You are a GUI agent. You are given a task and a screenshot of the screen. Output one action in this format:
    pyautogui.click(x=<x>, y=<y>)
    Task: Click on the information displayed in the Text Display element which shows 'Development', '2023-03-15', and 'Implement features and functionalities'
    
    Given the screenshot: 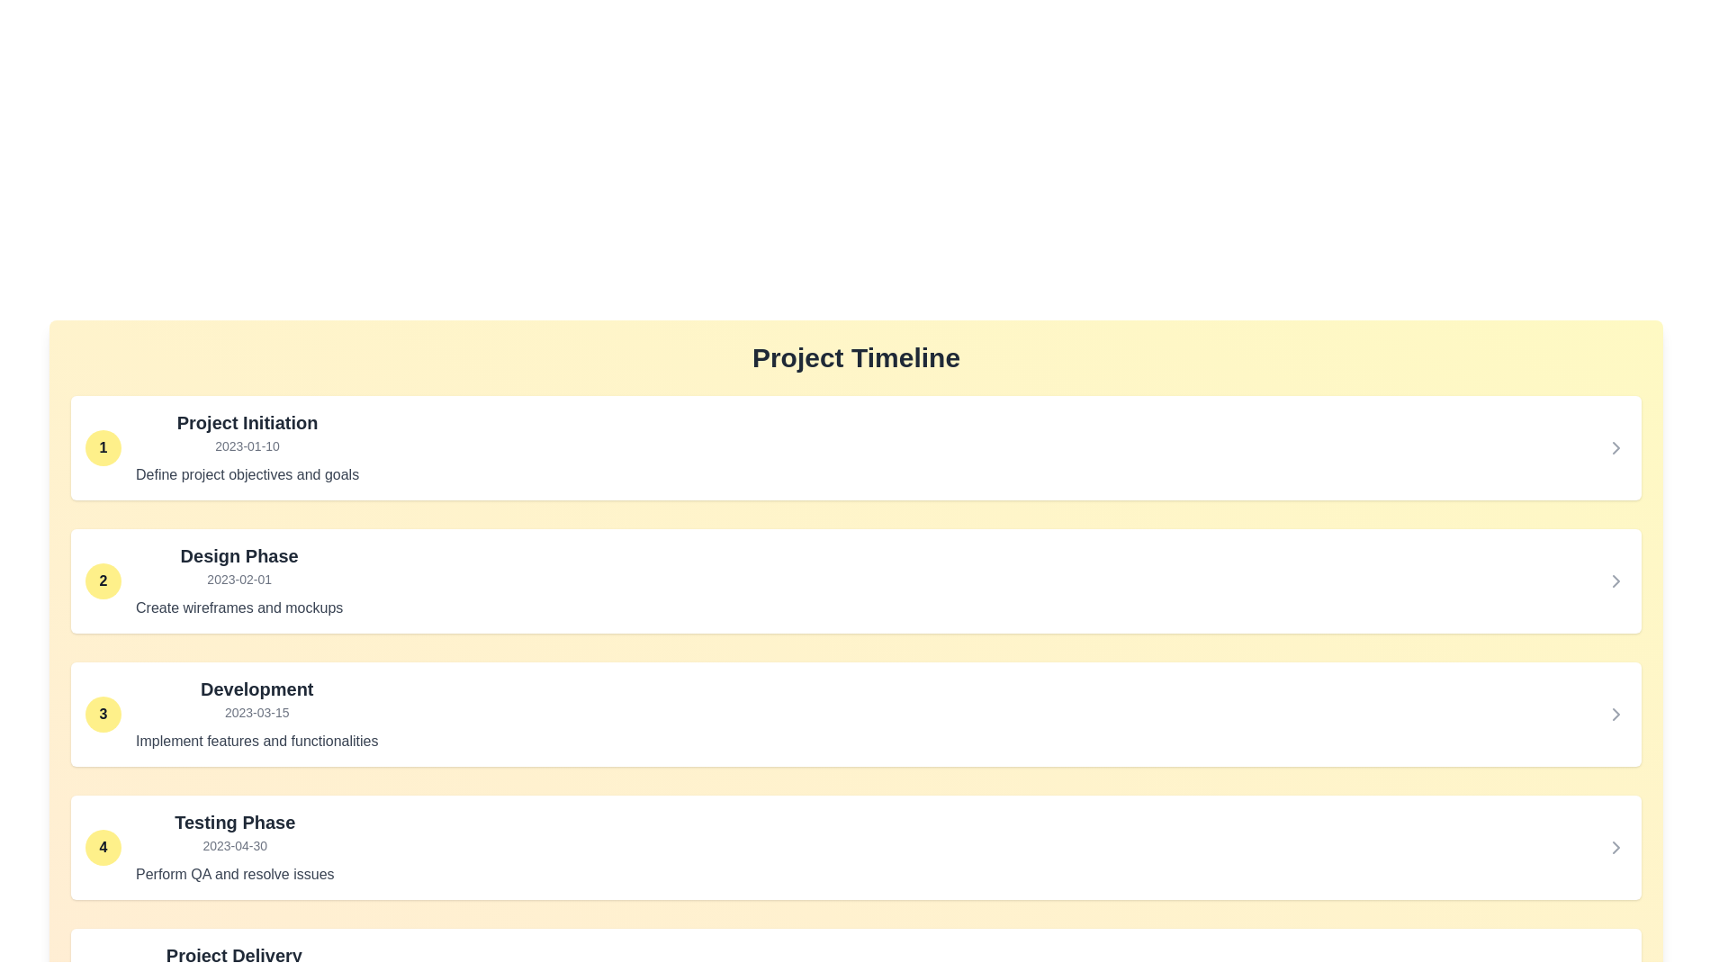 What is the action you would take?
    pyautogui.click(x=256, y=714)
    